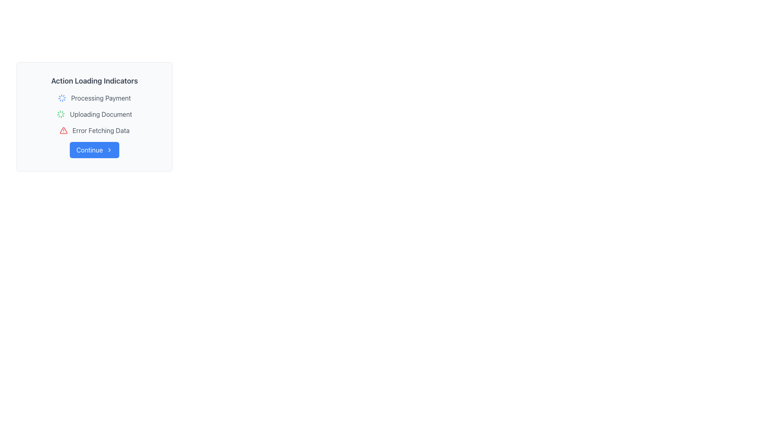 This screenshot has width=779, height=438. Describe the element at coordinates (63, 130) in the screenshot. I see `the alert icon indicating an error state for the 'Error Fetching Data' message, located to the left of the corresponding text in the 'Action Loading Indicators' section` at that location.